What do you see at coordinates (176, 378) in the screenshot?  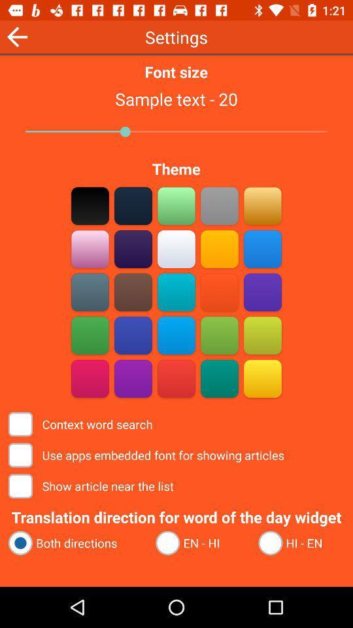 I see `changes colors` at bounding box center [176, 378].